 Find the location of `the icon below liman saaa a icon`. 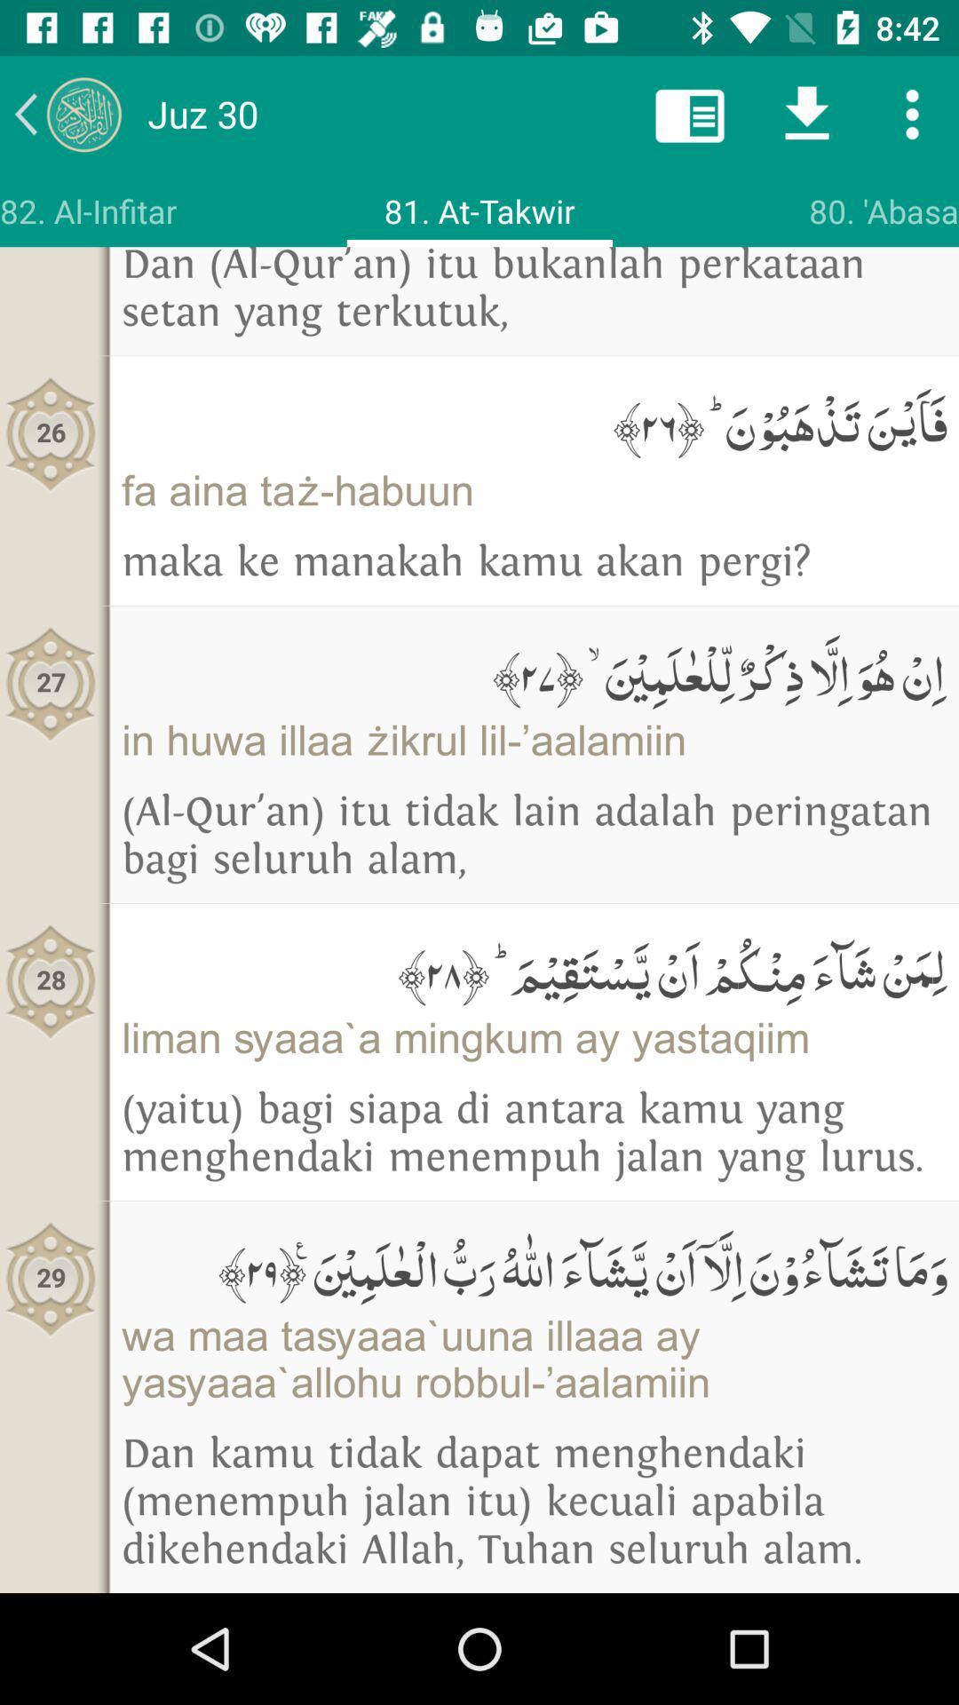

the icon below liman saaa a icon is located at coordinates (533, 1132).